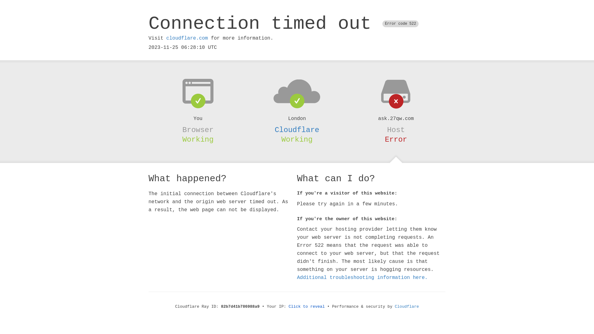 This screenshot has width=594, height=334. I want to click on 'Cloudflare', so click(407, 306).